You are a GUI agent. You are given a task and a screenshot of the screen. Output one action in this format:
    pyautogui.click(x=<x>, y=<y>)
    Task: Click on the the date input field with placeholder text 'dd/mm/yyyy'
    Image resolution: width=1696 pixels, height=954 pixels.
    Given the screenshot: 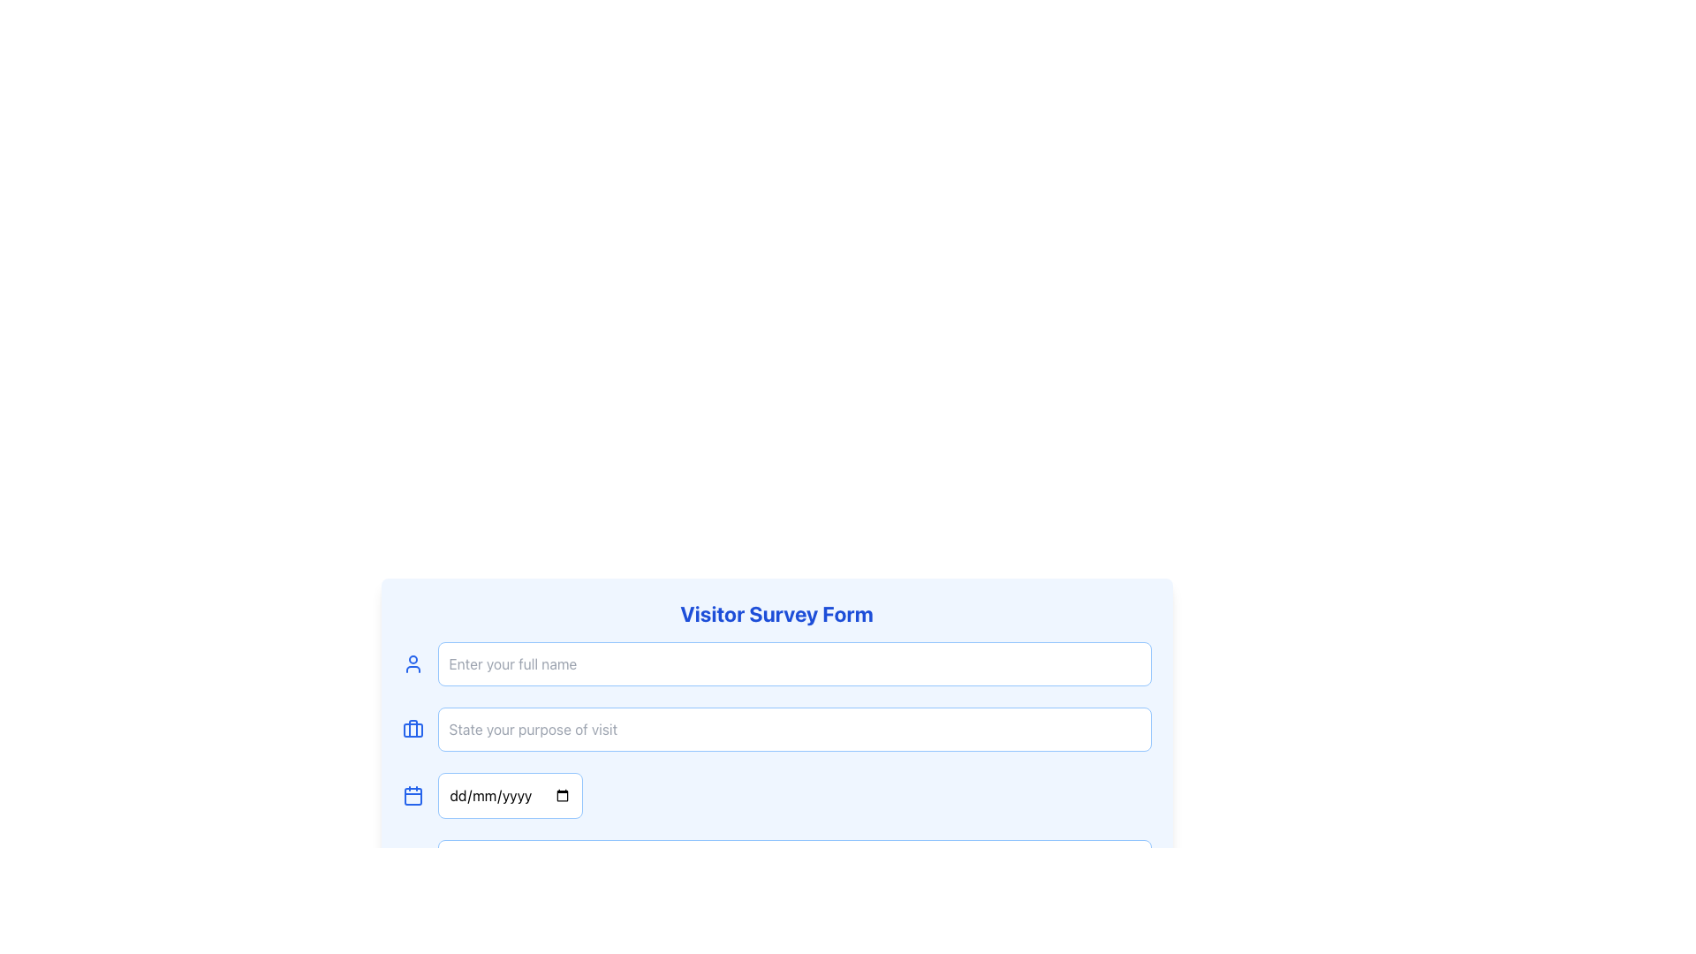 What is the action you would take?
    pyautogui.click(x=509, y=796)
    